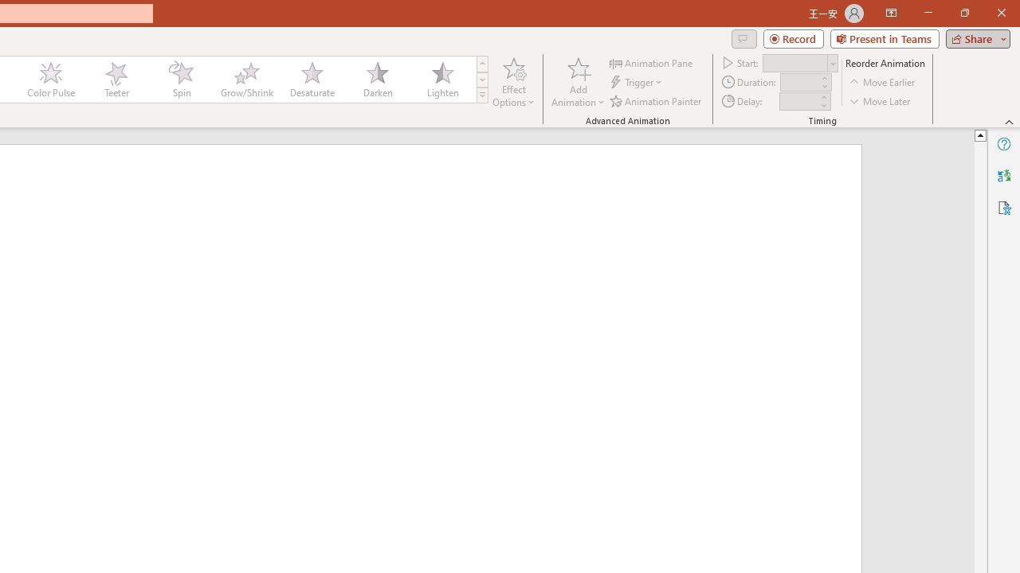 Image resolution: width=1020 pixels, height=573 pixels. I want to click on 'Color Pulse', so click(51, 80).